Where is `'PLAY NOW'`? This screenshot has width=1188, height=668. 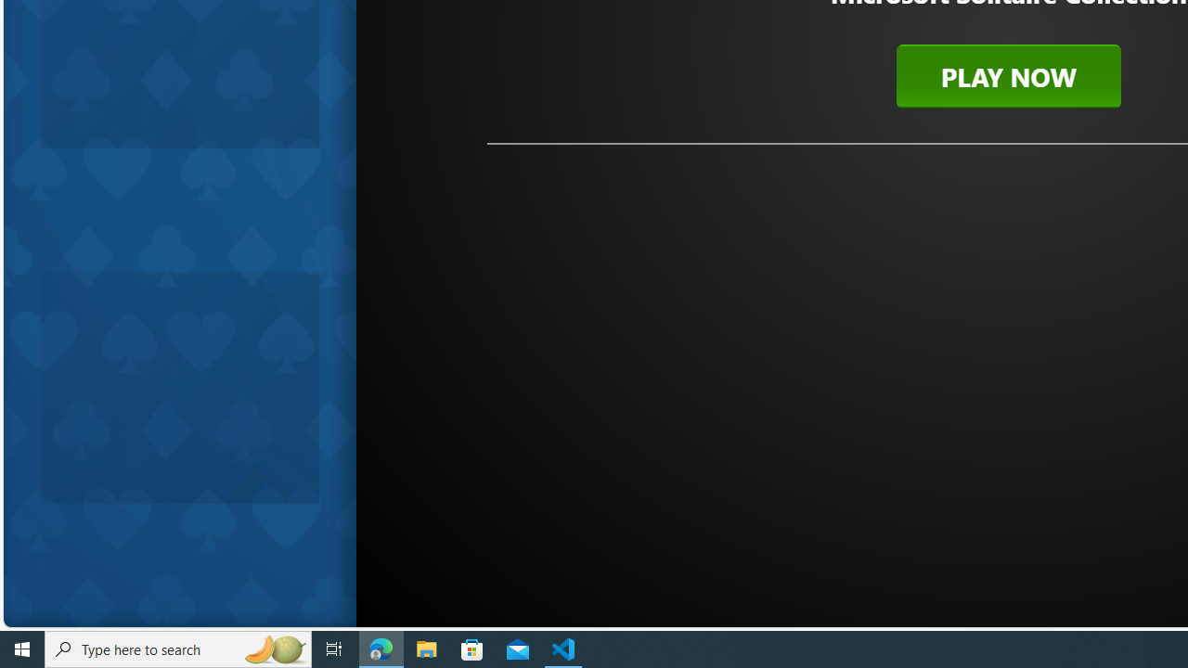 'PLAY NOW' is located at coordinates (1007, 75).